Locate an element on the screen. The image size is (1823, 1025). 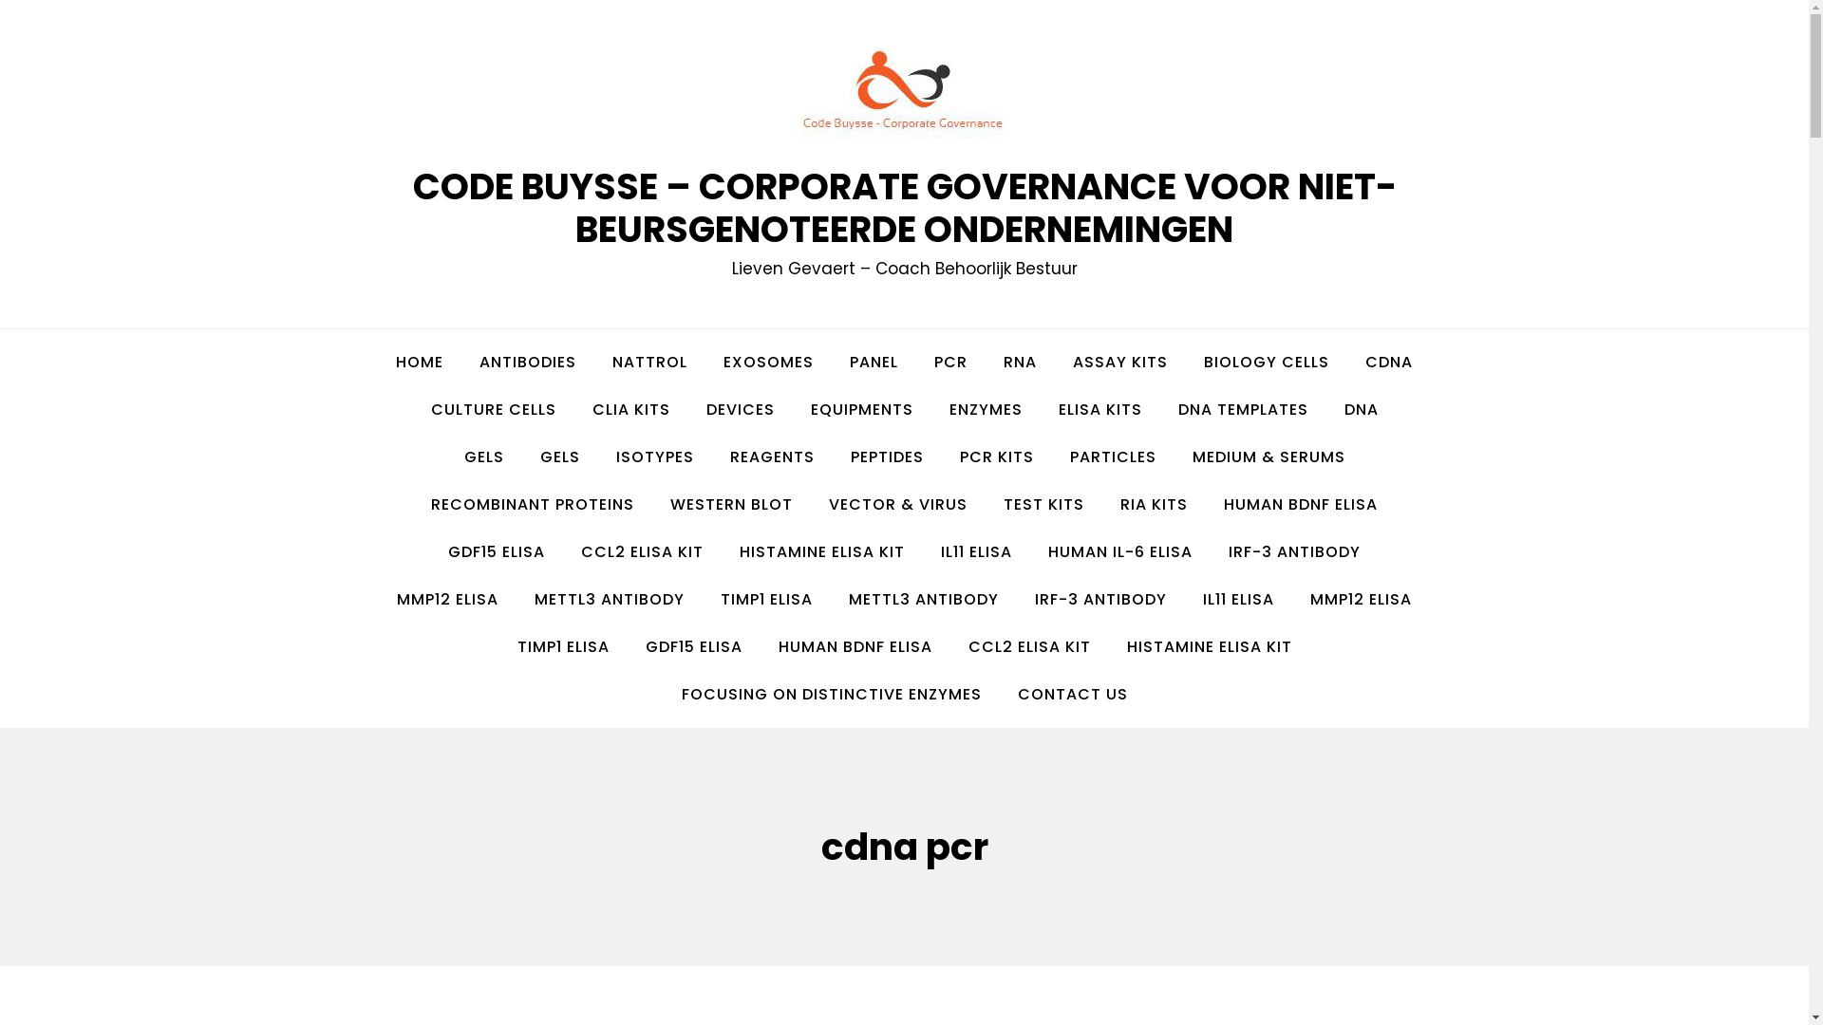
'ENZYMES' is located at coordinates (985, 409).